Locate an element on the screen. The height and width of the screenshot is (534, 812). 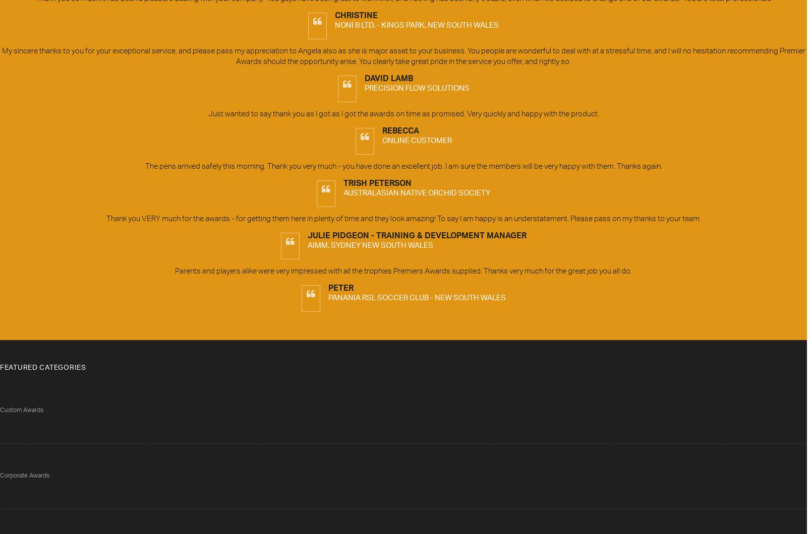
'Parents and players alike were very impressed with all the trophies Premiers Awards supplied. Thanks very much for the great job you all do.' is located at coordinates (175, 272).